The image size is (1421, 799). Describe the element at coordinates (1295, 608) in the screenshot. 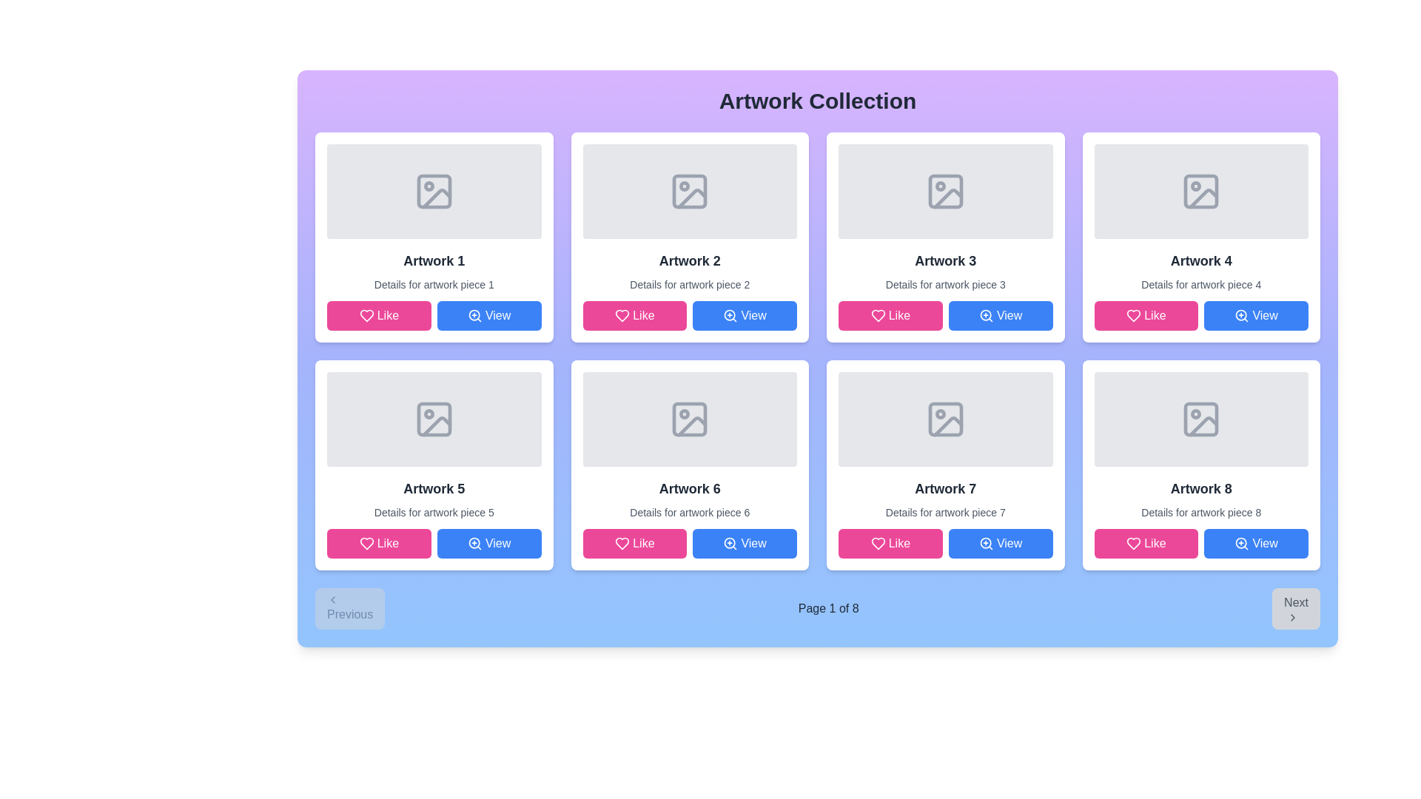

I see `the pagination button located at the bottom-right corner of the interface, which allows navigation to the next page of items in the sequence` at that location.